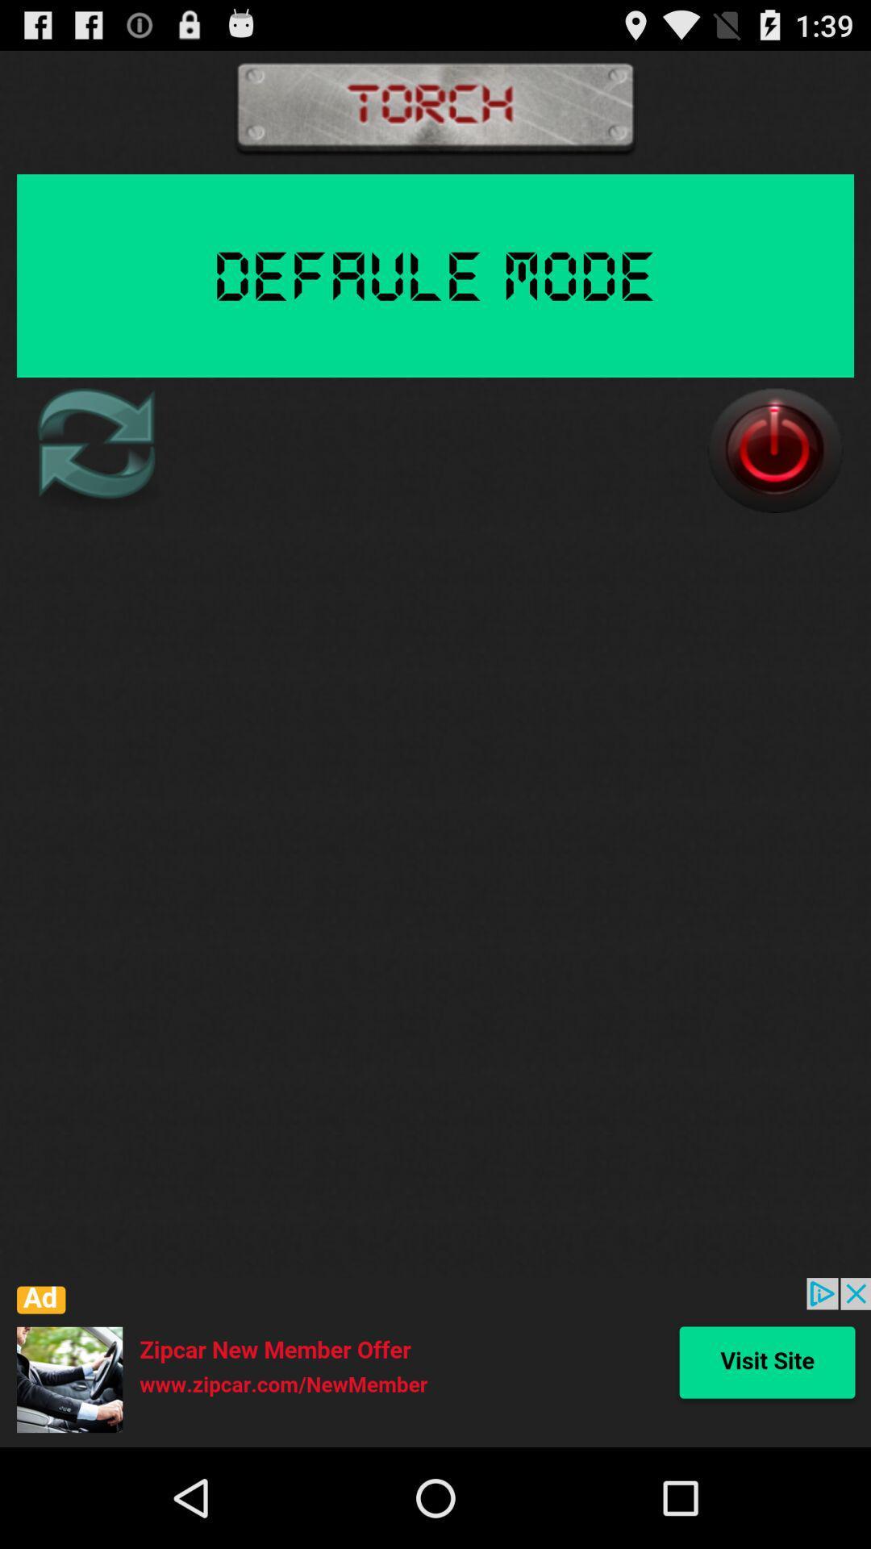 Image resolution: width=871 pixels, height=1549 pixels. Describe the element at coordinates (95, 482) in the screenshot. I see `the refresh icon` at that location.